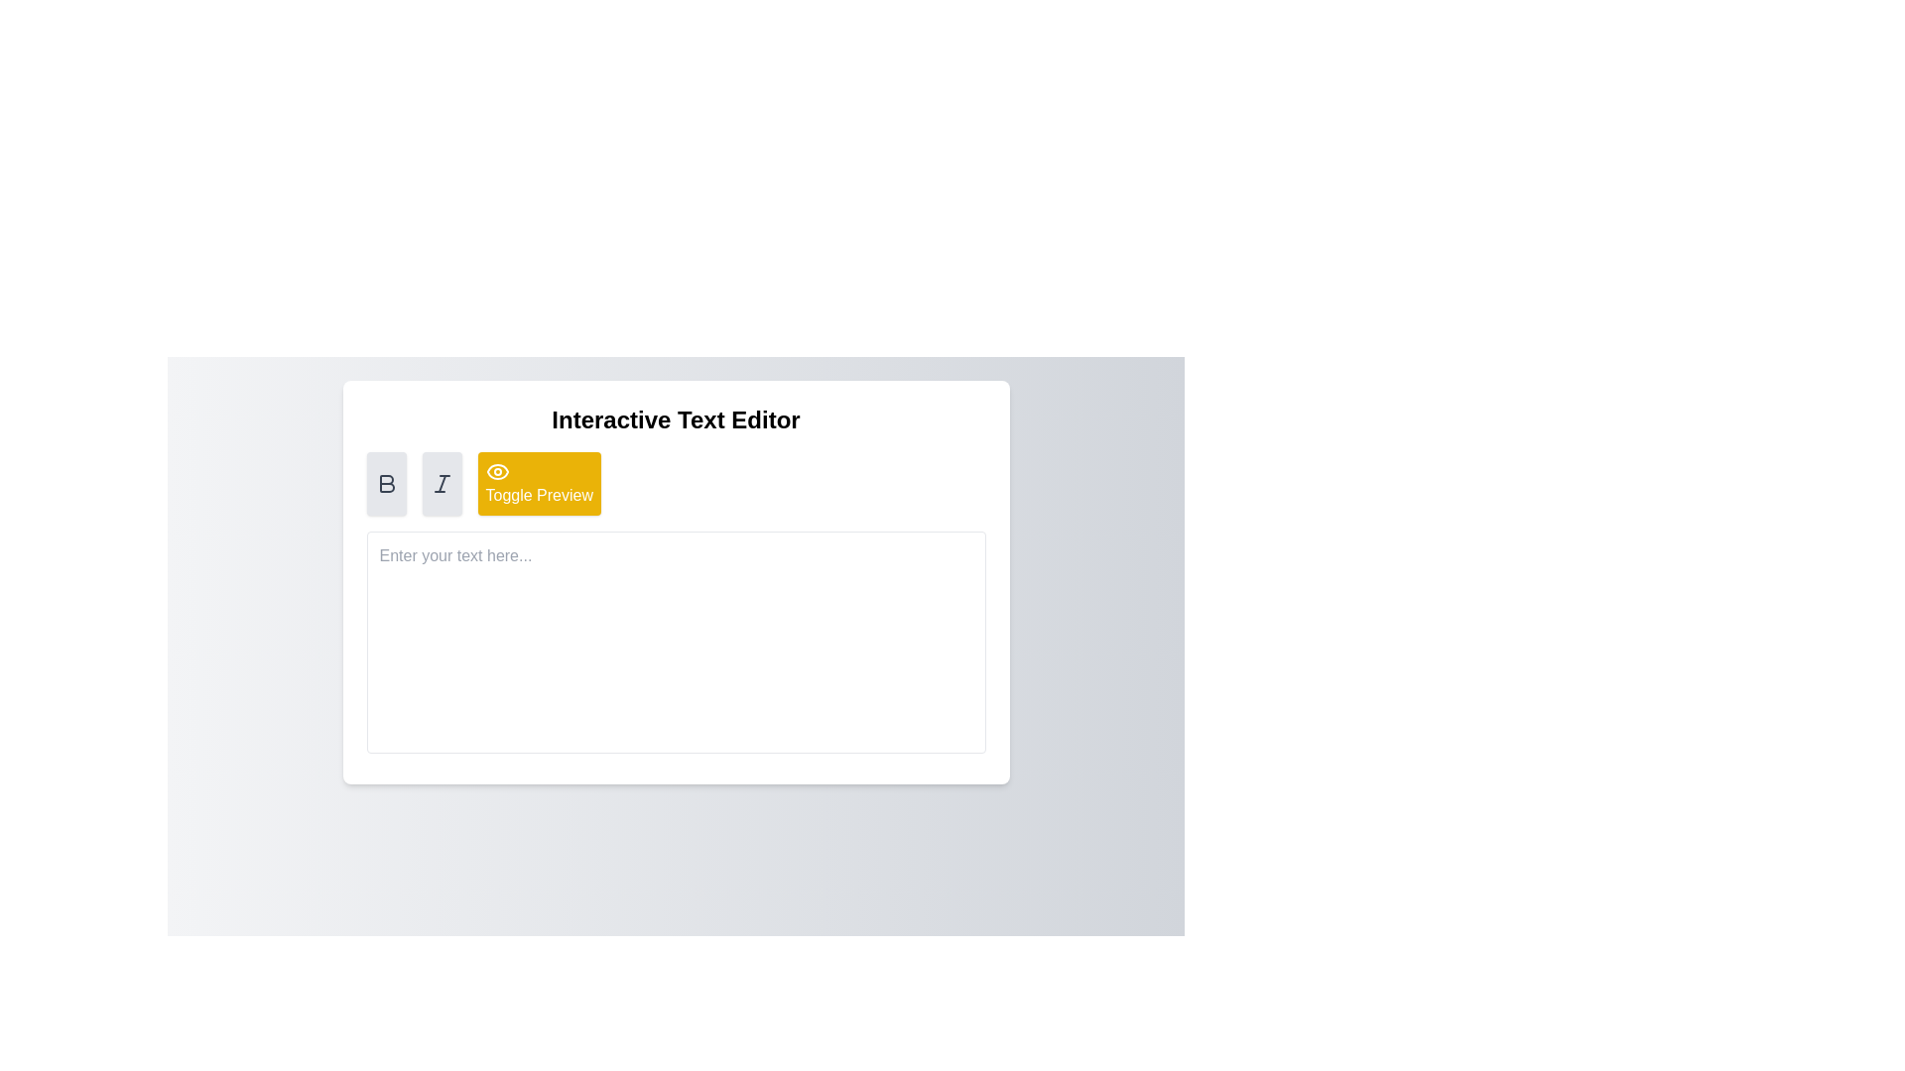 The height and width of the screenshot is (1071, 1905). What do you see at coordinates (441, 484) in the screenshot?
I see `the light gray button with a black italicized 'I' icon` at bounding box center [441, 484].